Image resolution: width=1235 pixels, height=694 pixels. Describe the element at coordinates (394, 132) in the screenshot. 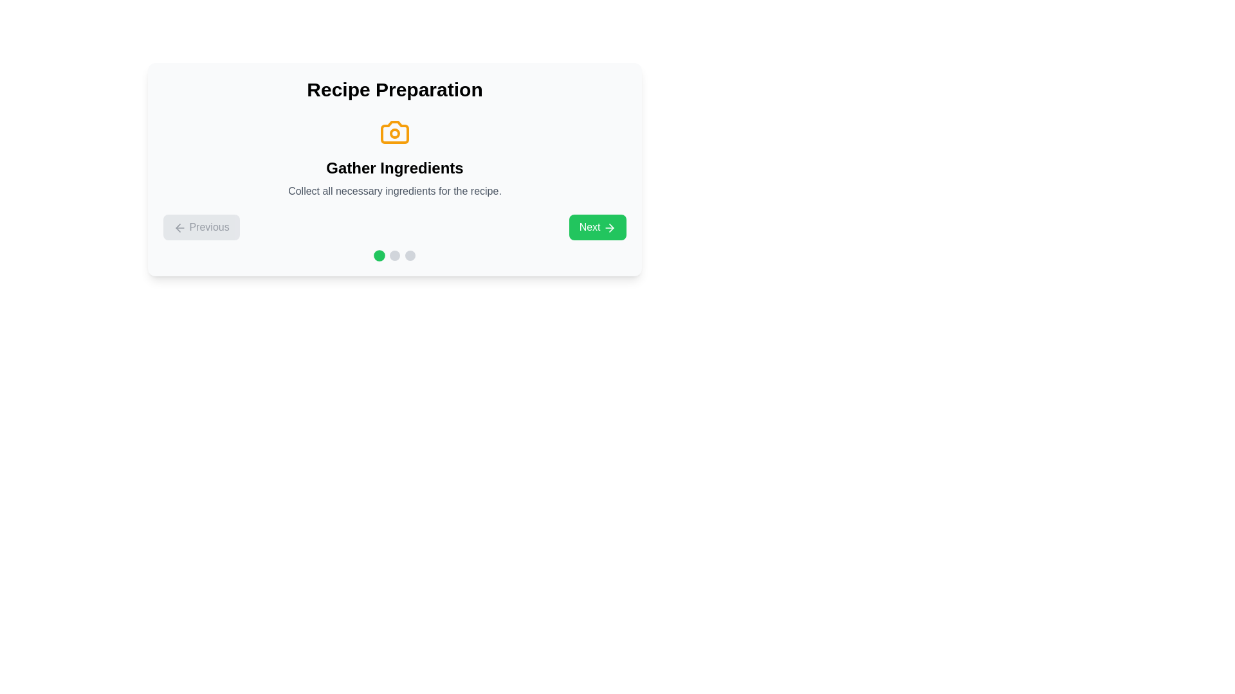

I see `the camera icon element, which is styled in amber color and located at the top of the main white card, above the 'Gather Ingredients' text and below 'Recipe Preparation'` at that location.